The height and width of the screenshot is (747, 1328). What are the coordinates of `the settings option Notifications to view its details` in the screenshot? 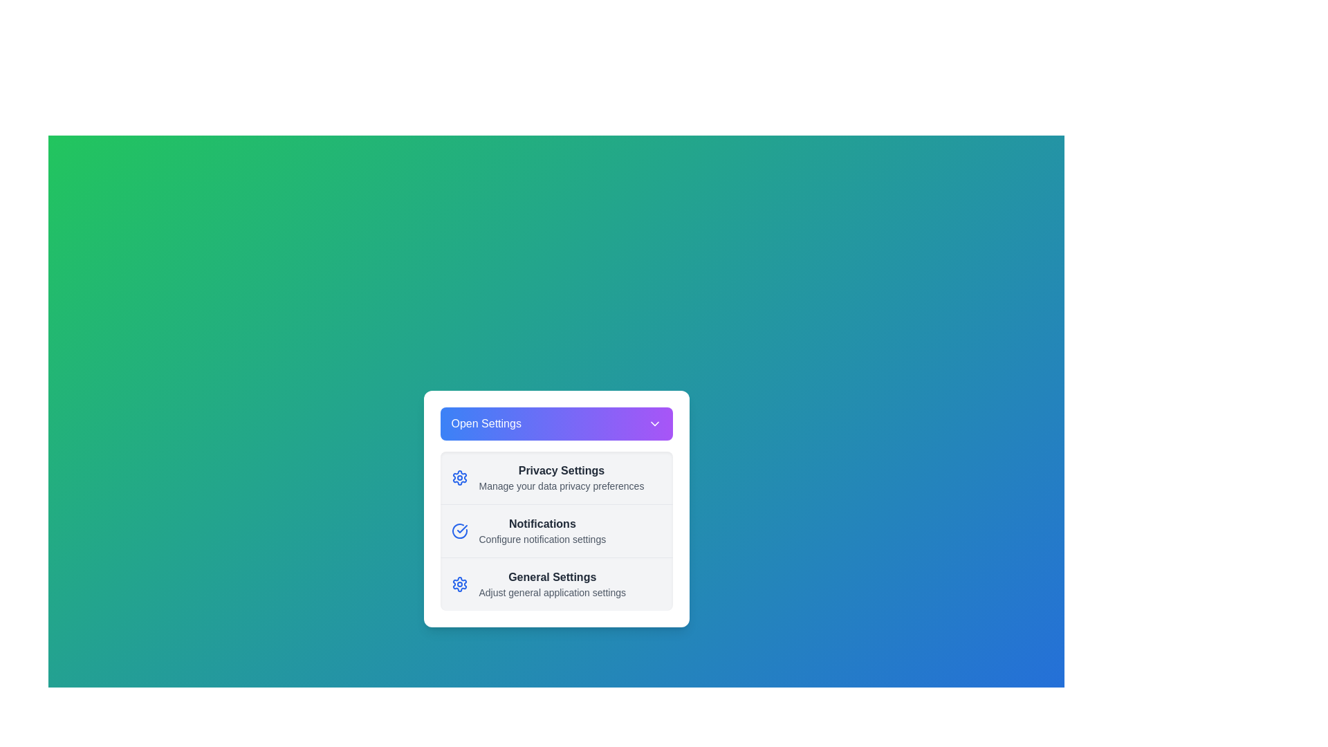 It's located at (556, 530).